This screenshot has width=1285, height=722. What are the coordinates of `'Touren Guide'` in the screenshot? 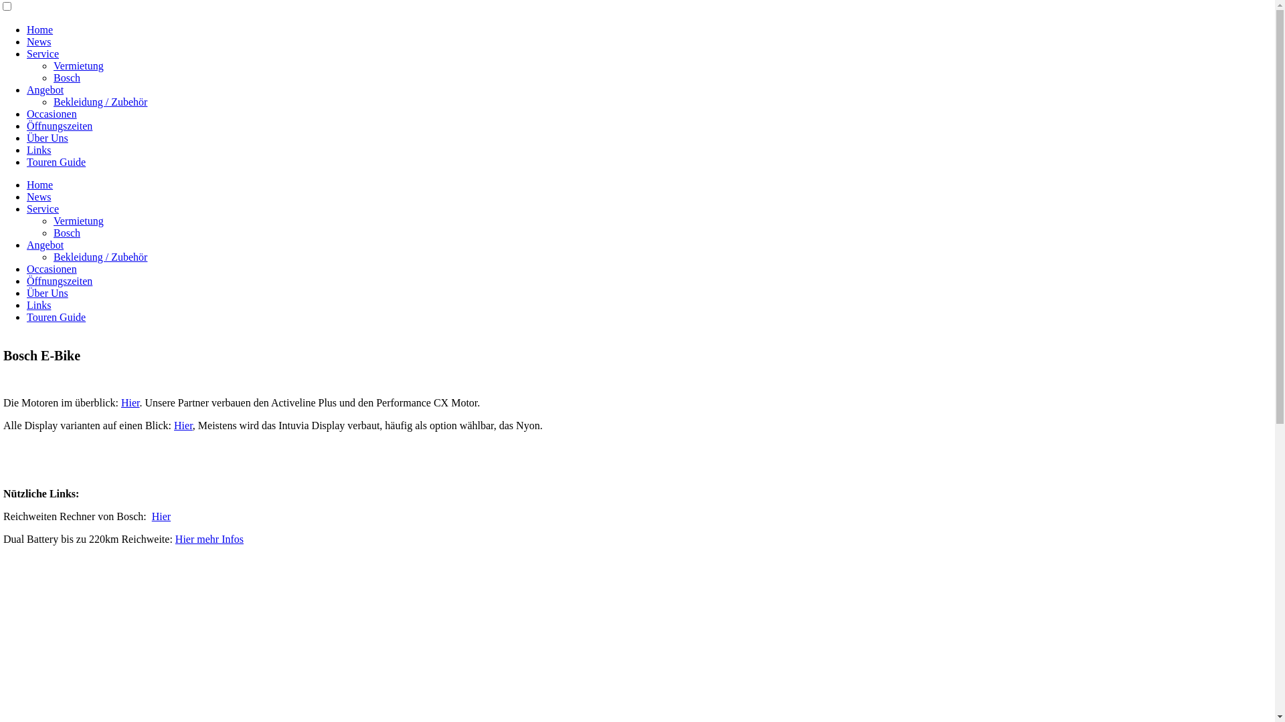 It's located at (55, 317).